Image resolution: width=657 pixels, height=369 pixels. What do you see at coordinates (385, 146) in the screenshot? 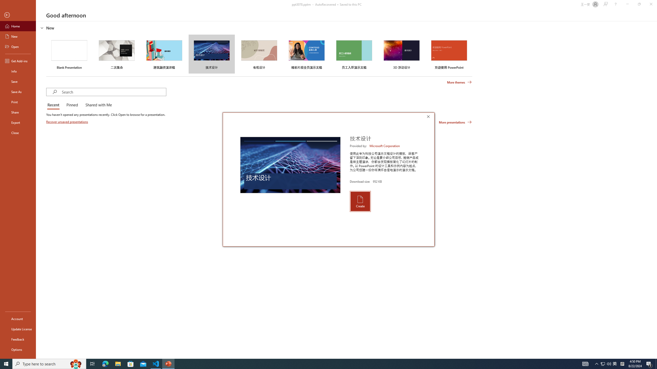
I see `'Microsoft Corporation'` at bounding box center [385, 146].